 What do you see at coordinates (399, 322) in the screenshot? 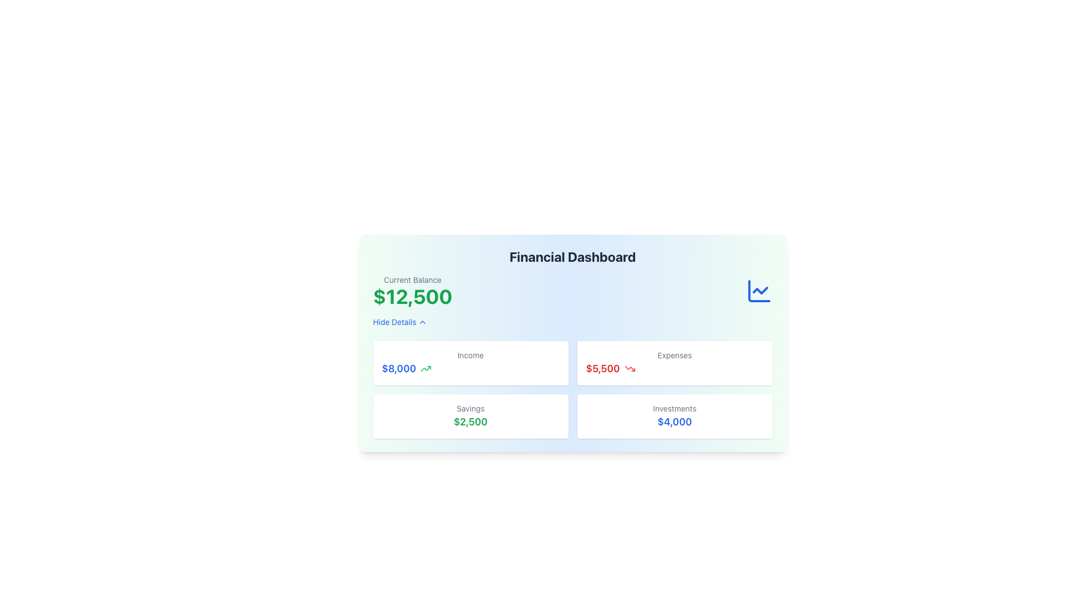
I see `the interactive link with an icon located directly below the '$12,500' text in the 'Current Balance' section of the 'Financial Dashboard'` at bounding box center [399, 322].